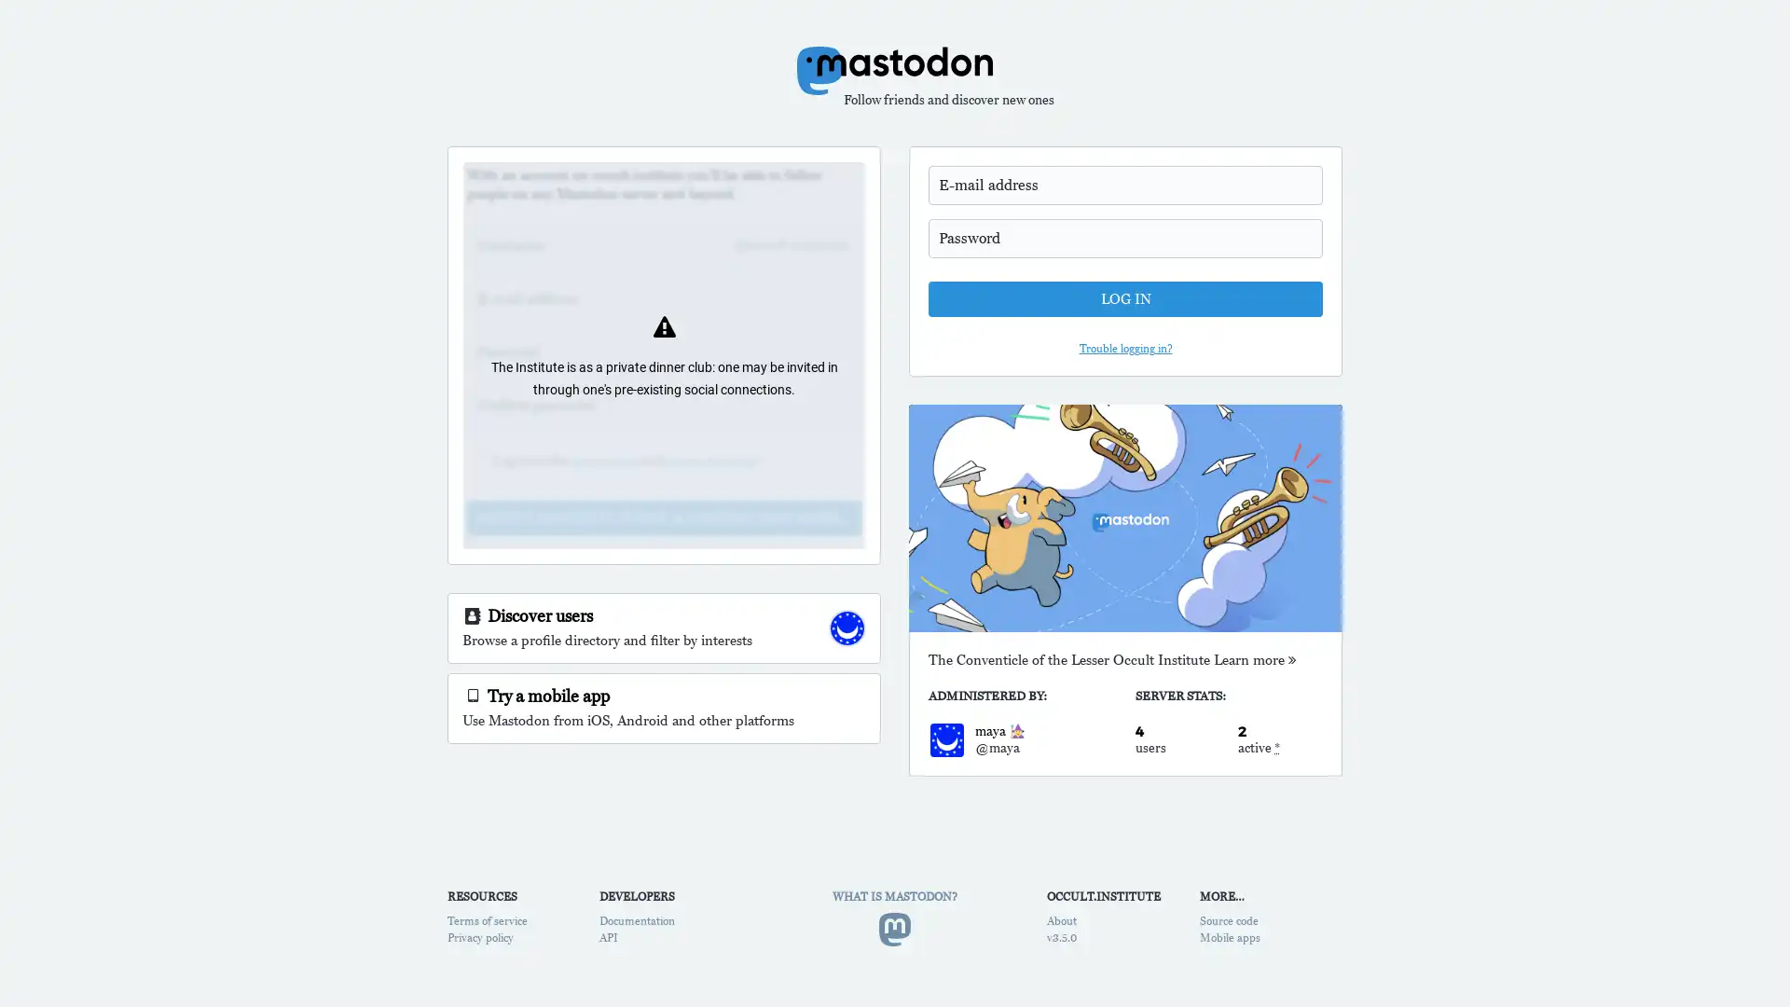  I want to click on OCCULT.INSTITUTE IS NOT ACCEPTING NEW MEMBERS, so click(664, 517).